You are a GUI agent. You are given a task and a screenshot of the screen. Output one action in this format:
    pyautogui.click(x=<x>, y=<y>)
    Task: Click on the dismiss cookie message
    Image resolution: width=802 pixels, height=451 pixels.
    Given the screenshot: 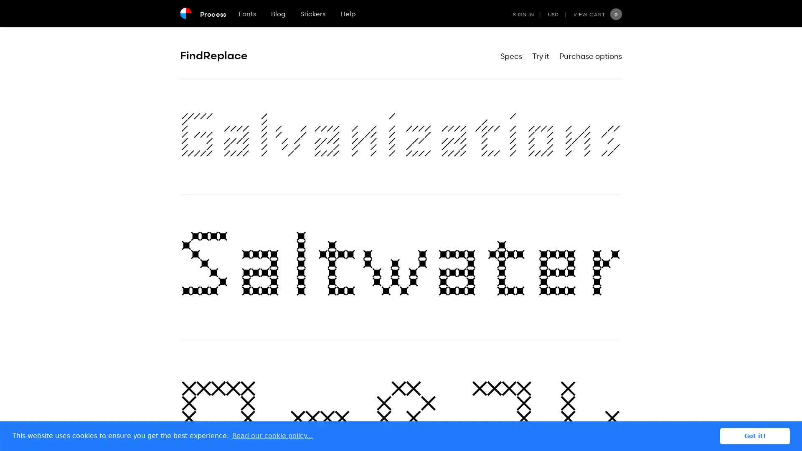 What is the action you would take?
    pyautogui.click(x=755, y=436)
    